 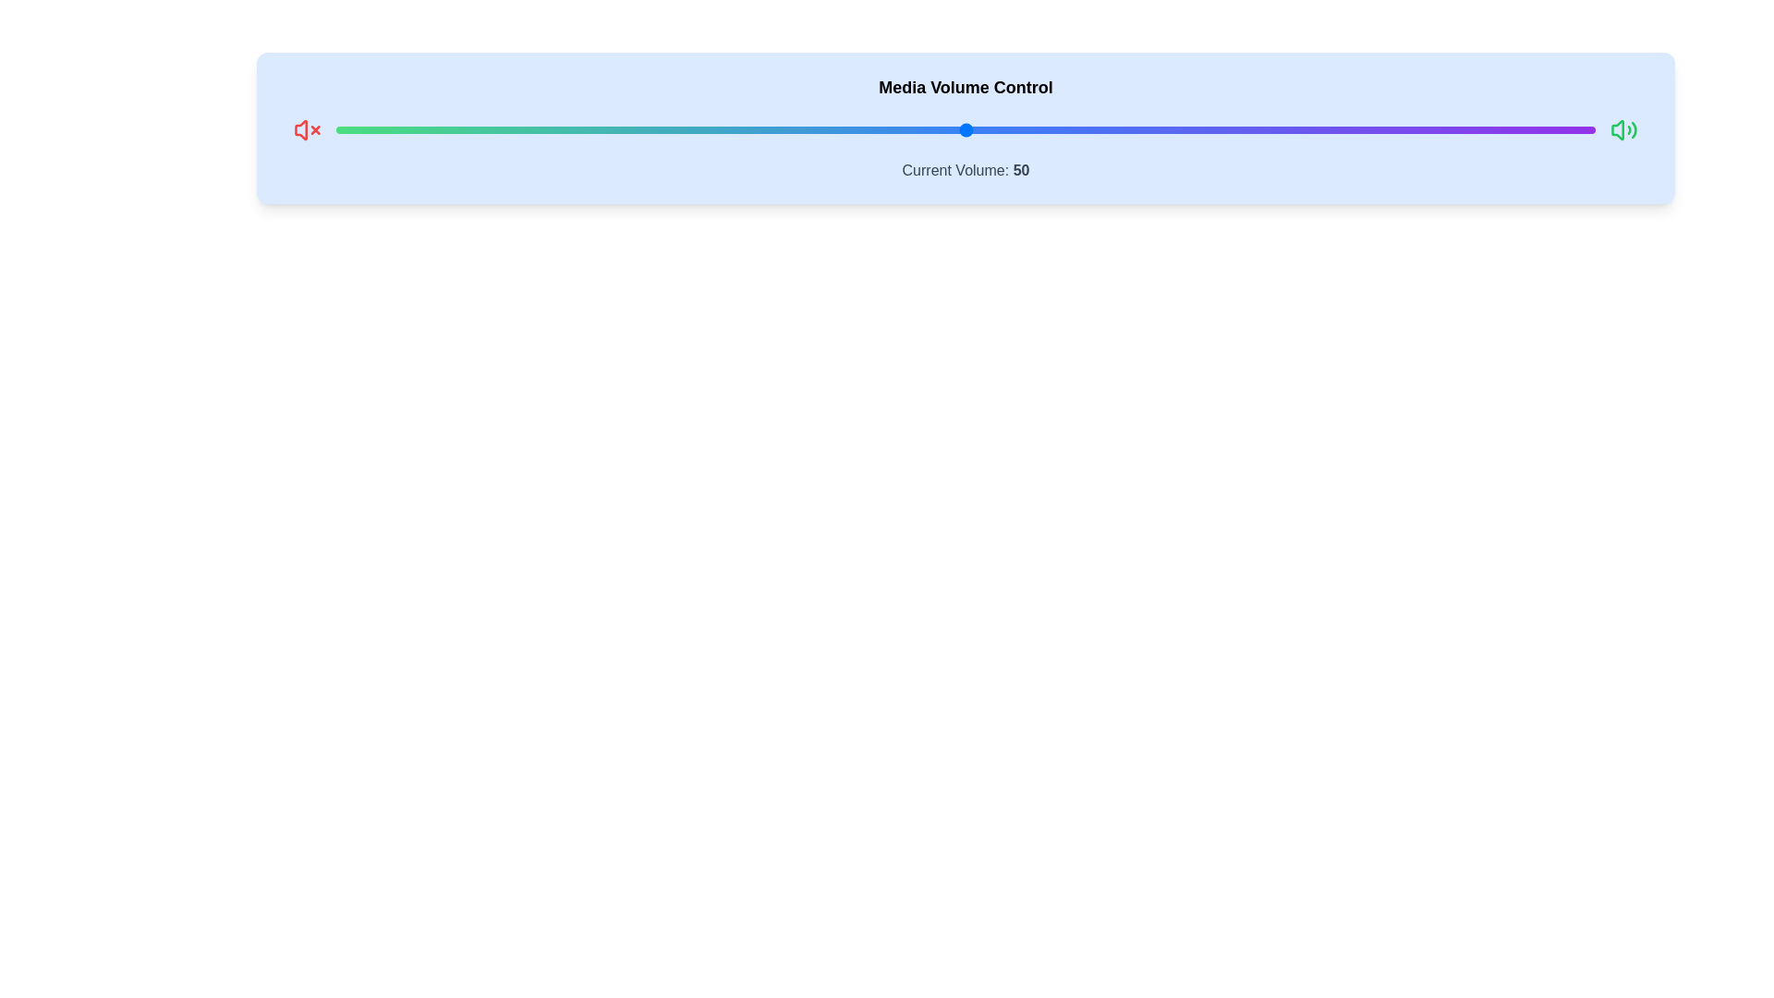 I want to click on the displayed text indicating the current volume, so click(x=965, y=171).